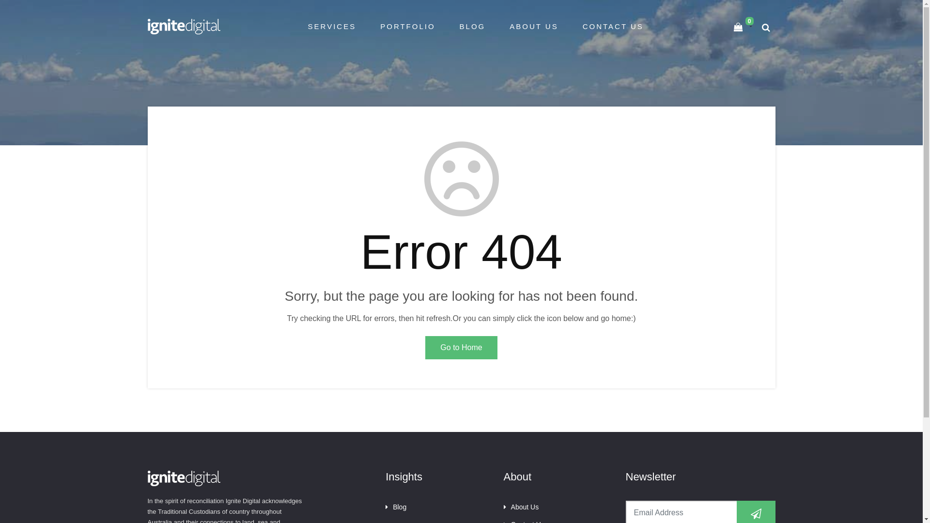  I want to click on 'About Us', so click(521, 506).